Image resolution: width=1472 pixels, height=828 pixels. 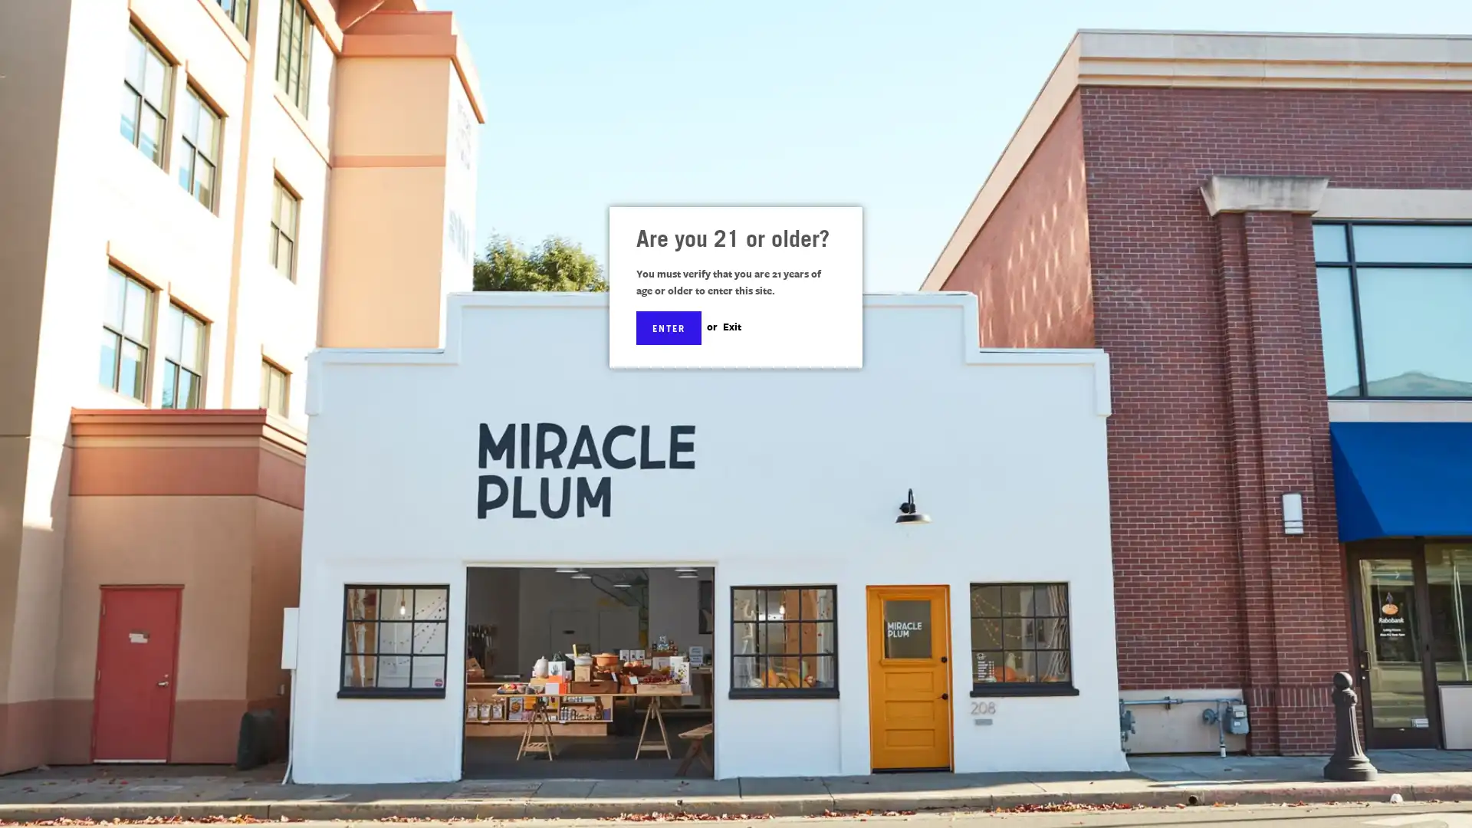 What do you see at coordinates (419, 768) in the screenshot?
I see `Subscribe` at bounding box center [419, 768].